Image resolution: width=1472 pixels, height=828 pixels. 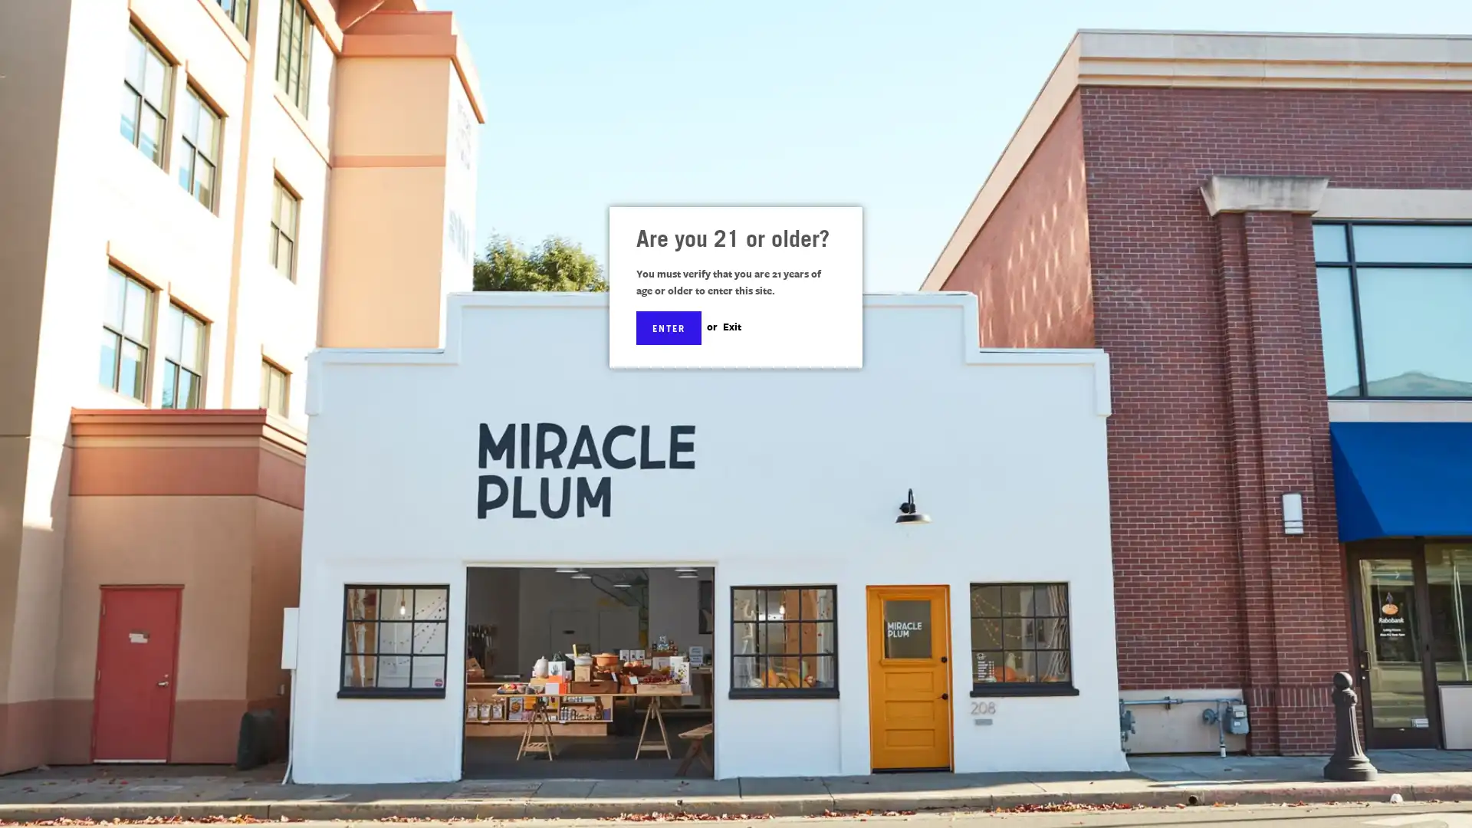 What do you see at coordinates (419, 768) in the screenshot?
I see `Subscribe` at bounding box center [419, 768].